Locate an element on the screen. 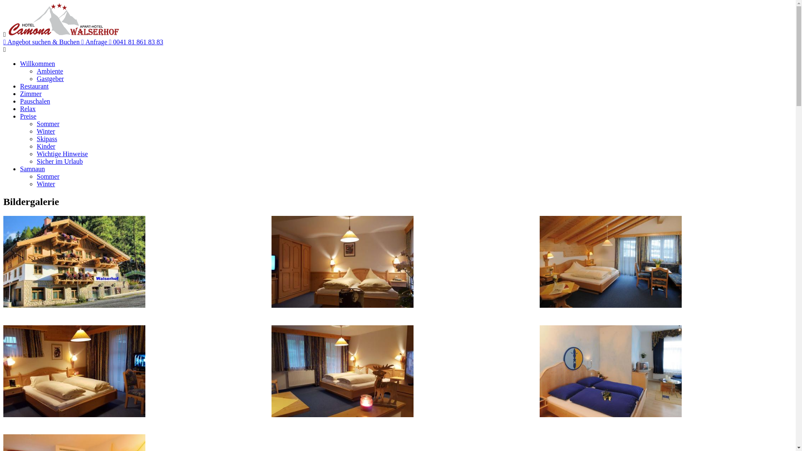 The image size is (802, 451). 'Sicher im Urlaub' is located at coordinates (36, 161).